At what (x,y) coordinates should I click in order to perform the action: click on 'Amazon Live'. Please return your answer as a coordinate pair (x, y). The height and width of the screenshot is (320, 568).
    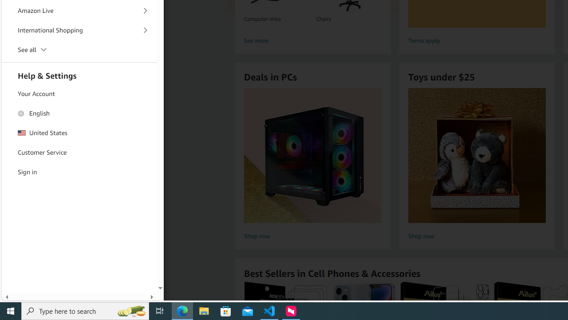
    Looking at the image, I should click on (79, 11).